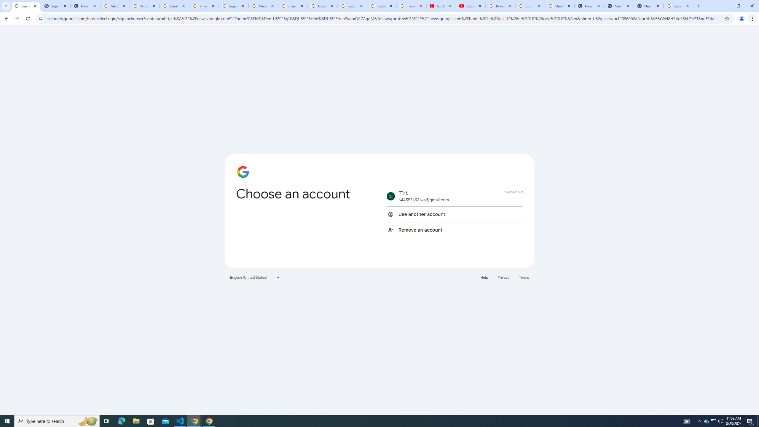 This screenshot has height=427, width=759. What do you see at coordinates (441, 6) in the screenshot?
I see `'YouTube'` at bounding box center [441, 6].